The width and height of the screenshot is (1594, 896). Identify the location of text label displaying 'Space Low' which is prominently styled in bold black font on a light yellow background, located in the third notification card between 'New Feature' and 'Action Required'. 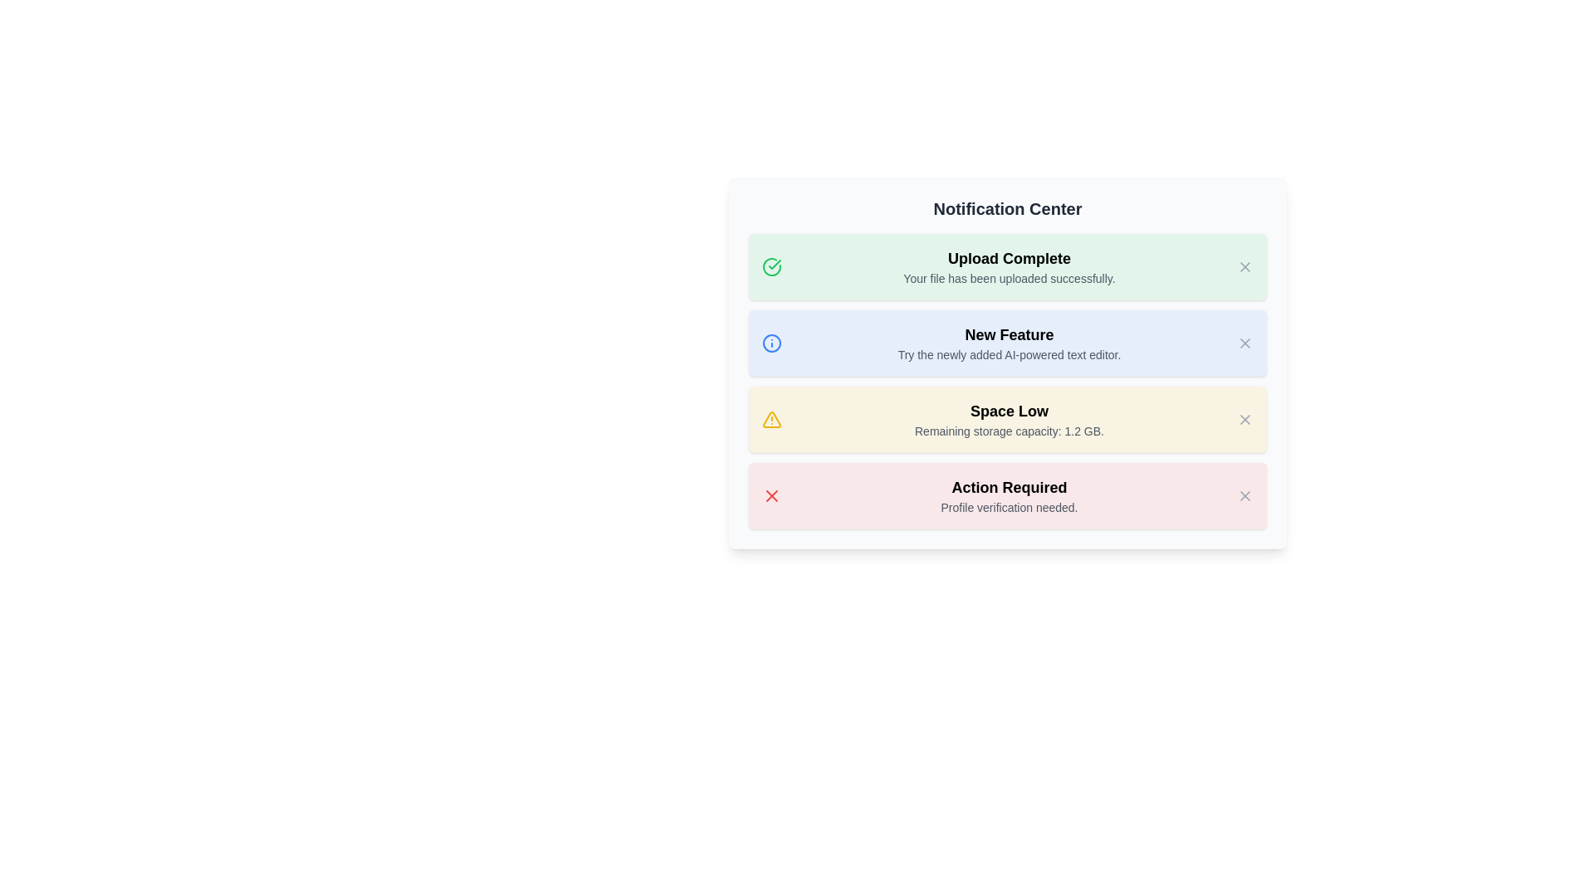
(1008, 411).